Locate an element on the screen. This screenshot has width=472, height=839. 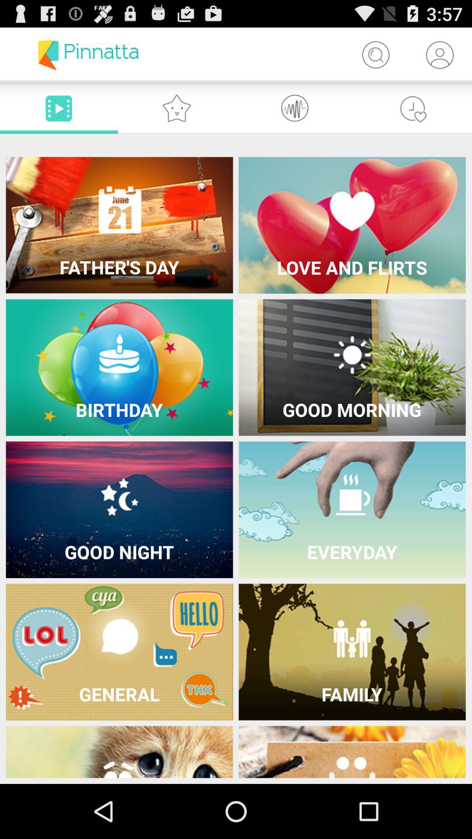
the image which is placed at fourth row first column is located at coordinates (119, 652).